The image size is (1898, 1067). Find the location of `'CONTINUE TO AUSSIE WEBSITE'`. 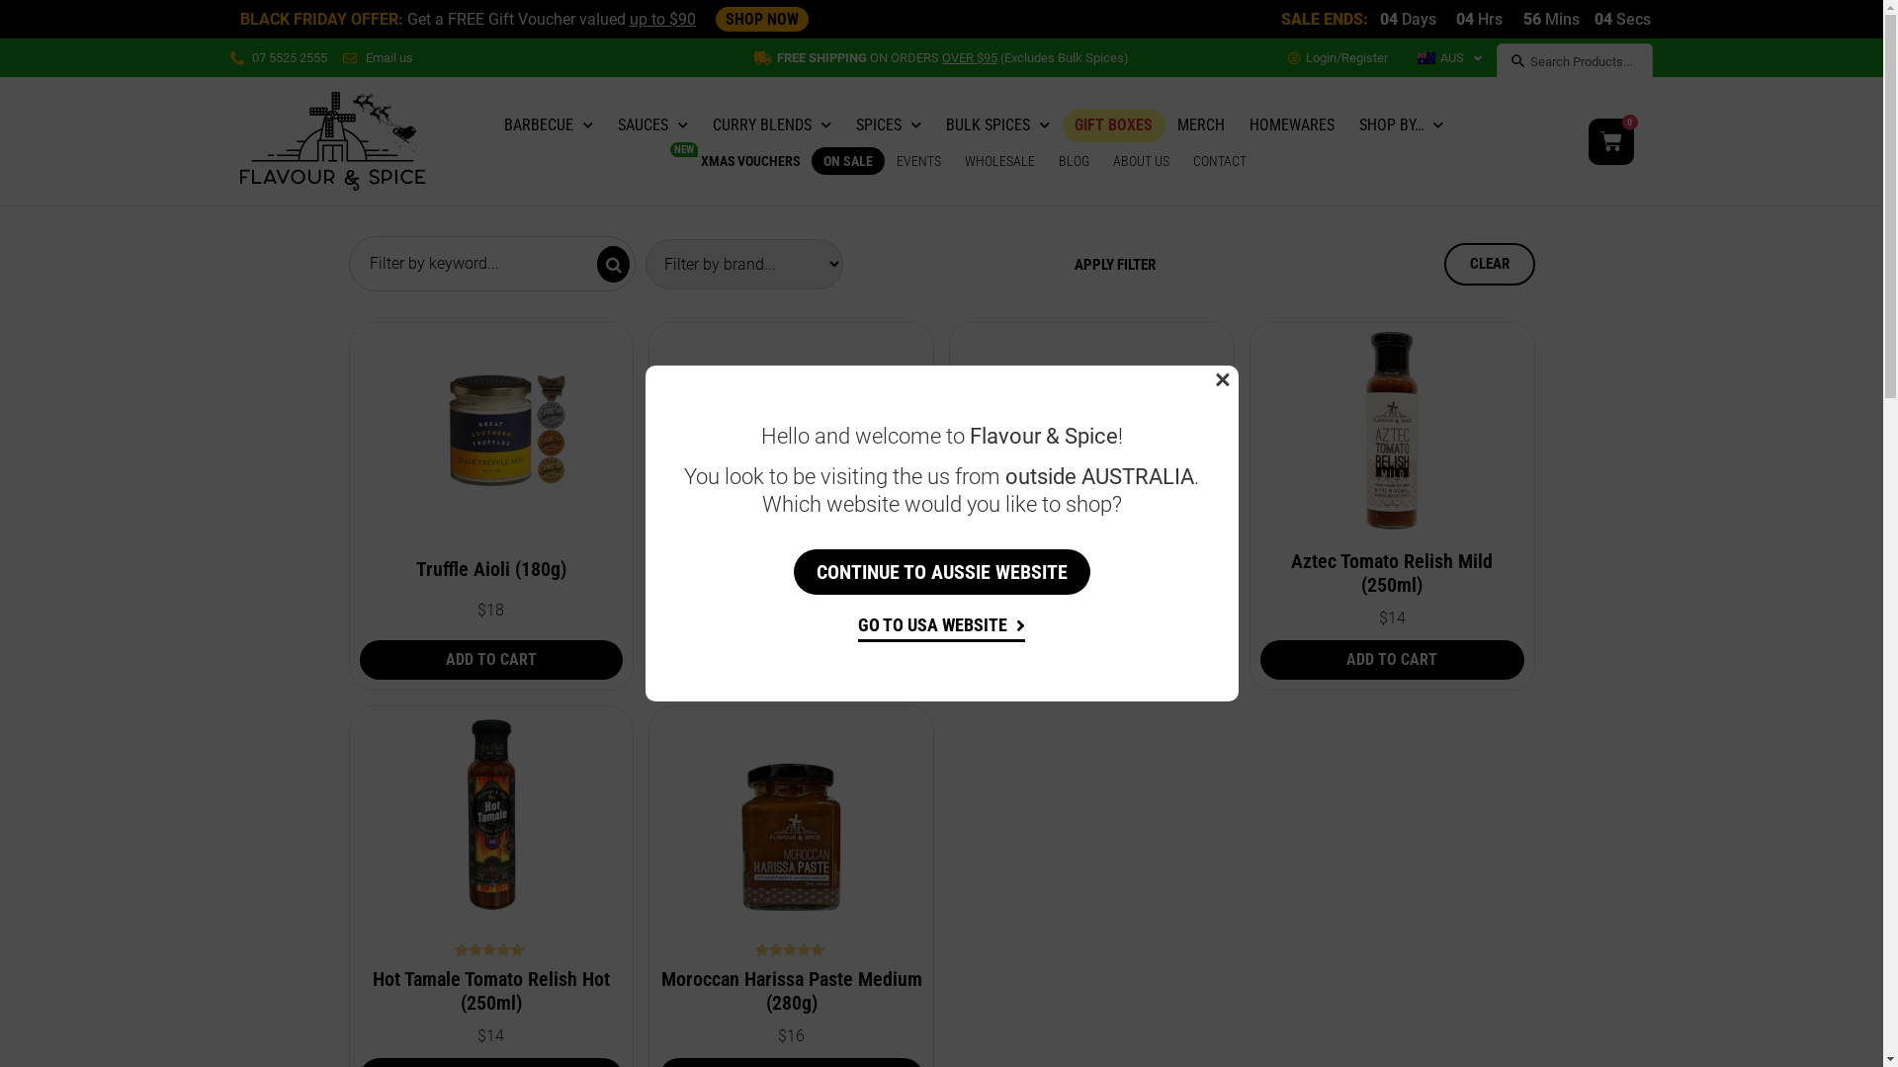

'CONTINUE TO AUSSIE WEBSITE' is located at coordinates (939, 571).